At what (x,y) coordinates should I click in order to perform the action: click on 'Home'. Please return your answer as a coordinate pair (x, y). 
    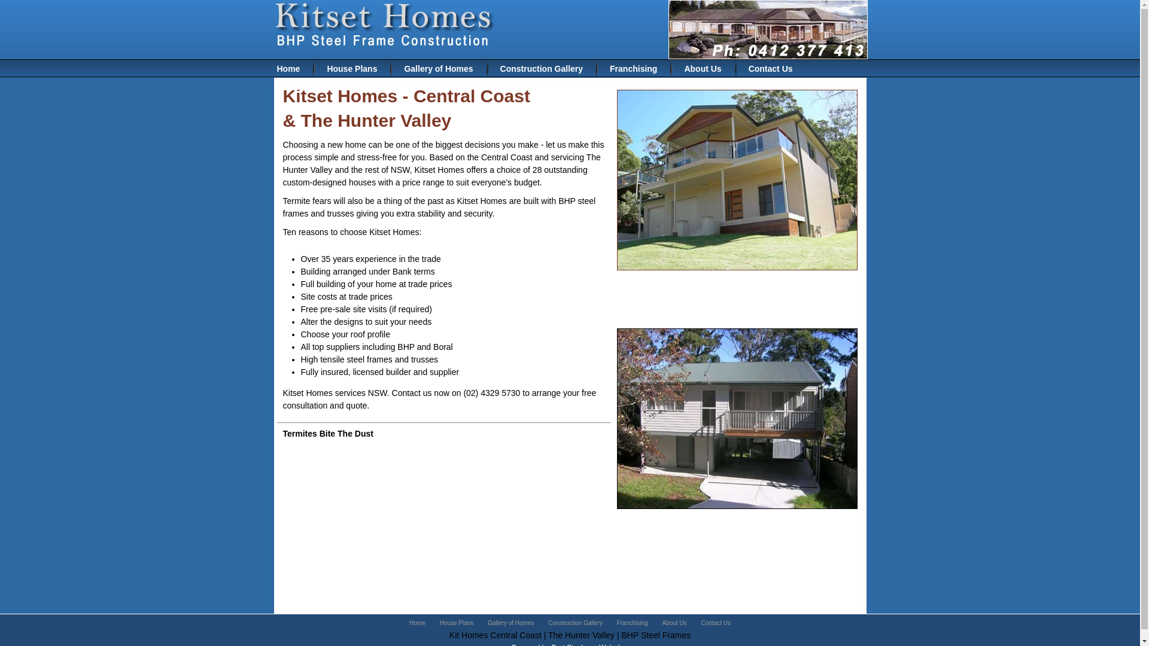
    Looking at the image, I should click on (417, 622).